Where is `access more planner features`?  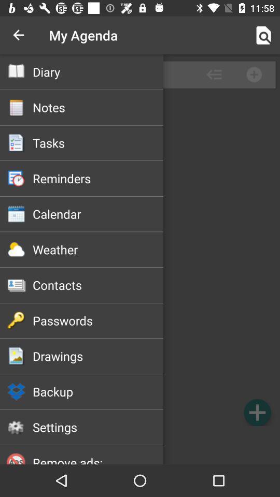
access more planner features is located at coordinates (140, 259).